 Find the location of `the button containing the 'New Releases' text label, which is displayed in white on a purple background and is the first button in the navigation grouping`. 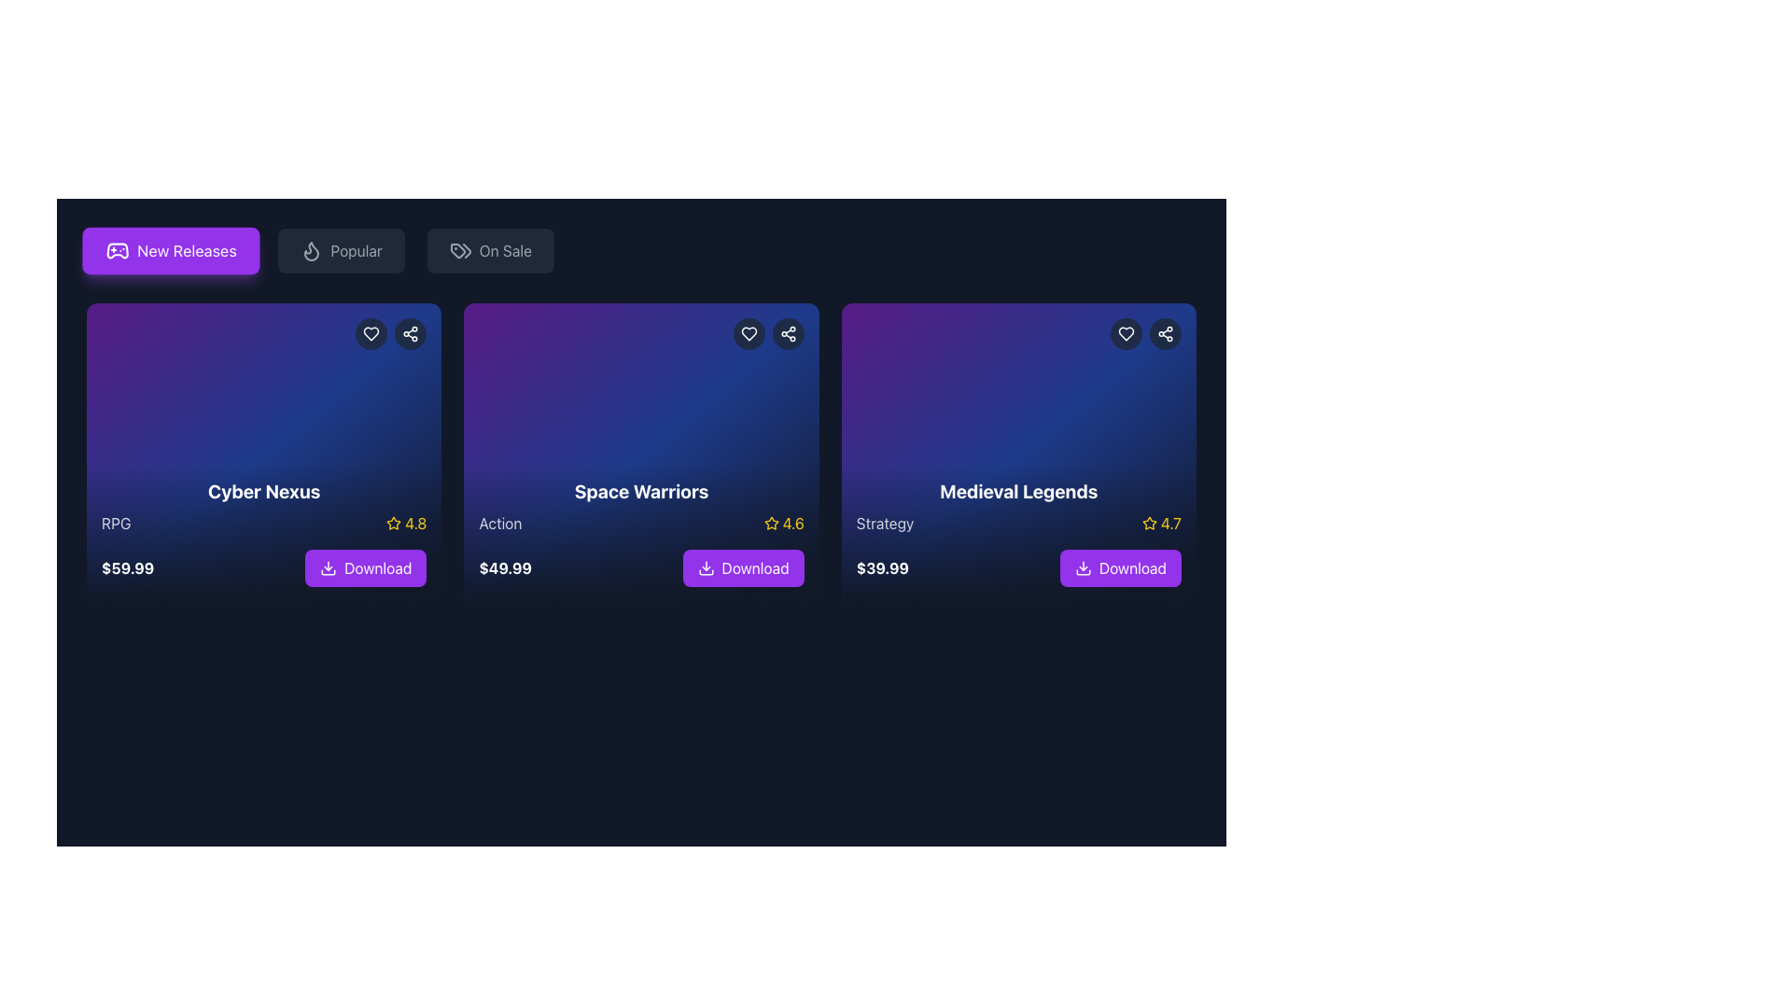

the button containing the 'New Releases' text label, which is displayed in white on a purple background and is the first button in the navigation grouping is located at coordinates (187, 250).